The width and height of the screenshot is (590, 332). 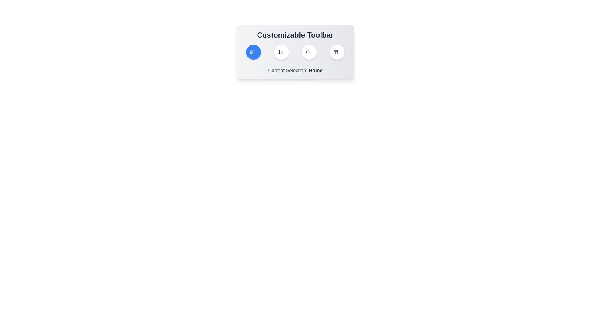 What do you see at coordinates (309, 52) in the screenshot?
I see `the circular button with a bell icon located in the toolbar, which is positioned to the right of the briefcase icon button and to the left of the grid icon button` at bounding box center [309, 52].